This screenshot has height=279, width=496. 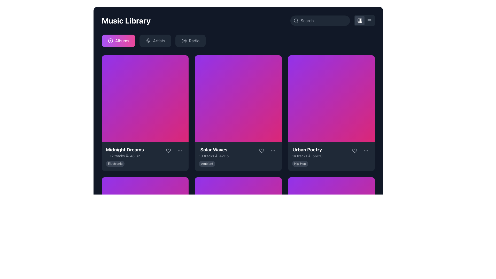 I want to click on the heart-shaped icon with a hollow gray outline located in the bottom-right corner of the purple card titled 'Urban Poetry', so click(x=354, y=151).